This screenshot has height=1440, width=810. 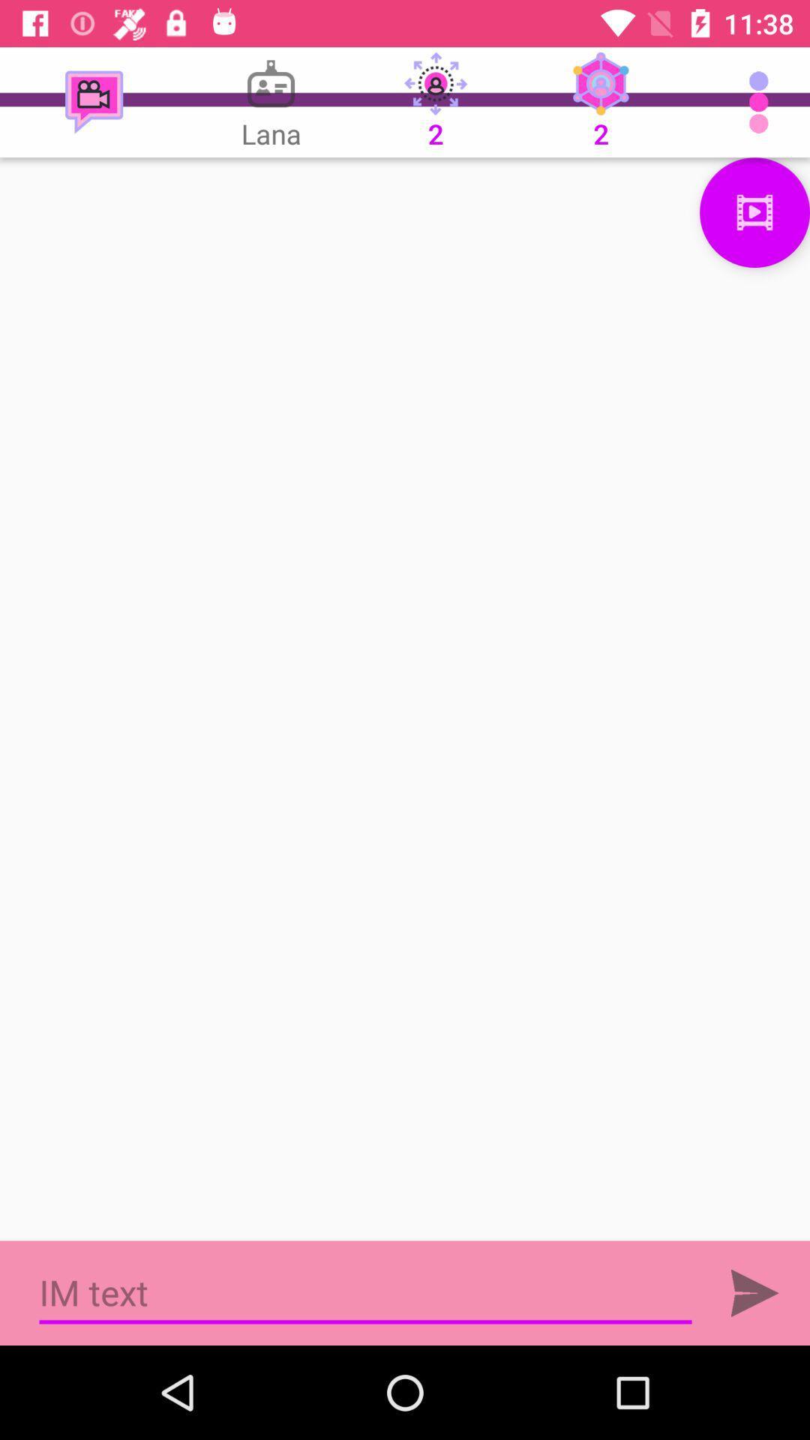 What do you see at coordinates (754, 1292) in the screenshot?
I see `the send icon` at bounding box center [754, 1292].